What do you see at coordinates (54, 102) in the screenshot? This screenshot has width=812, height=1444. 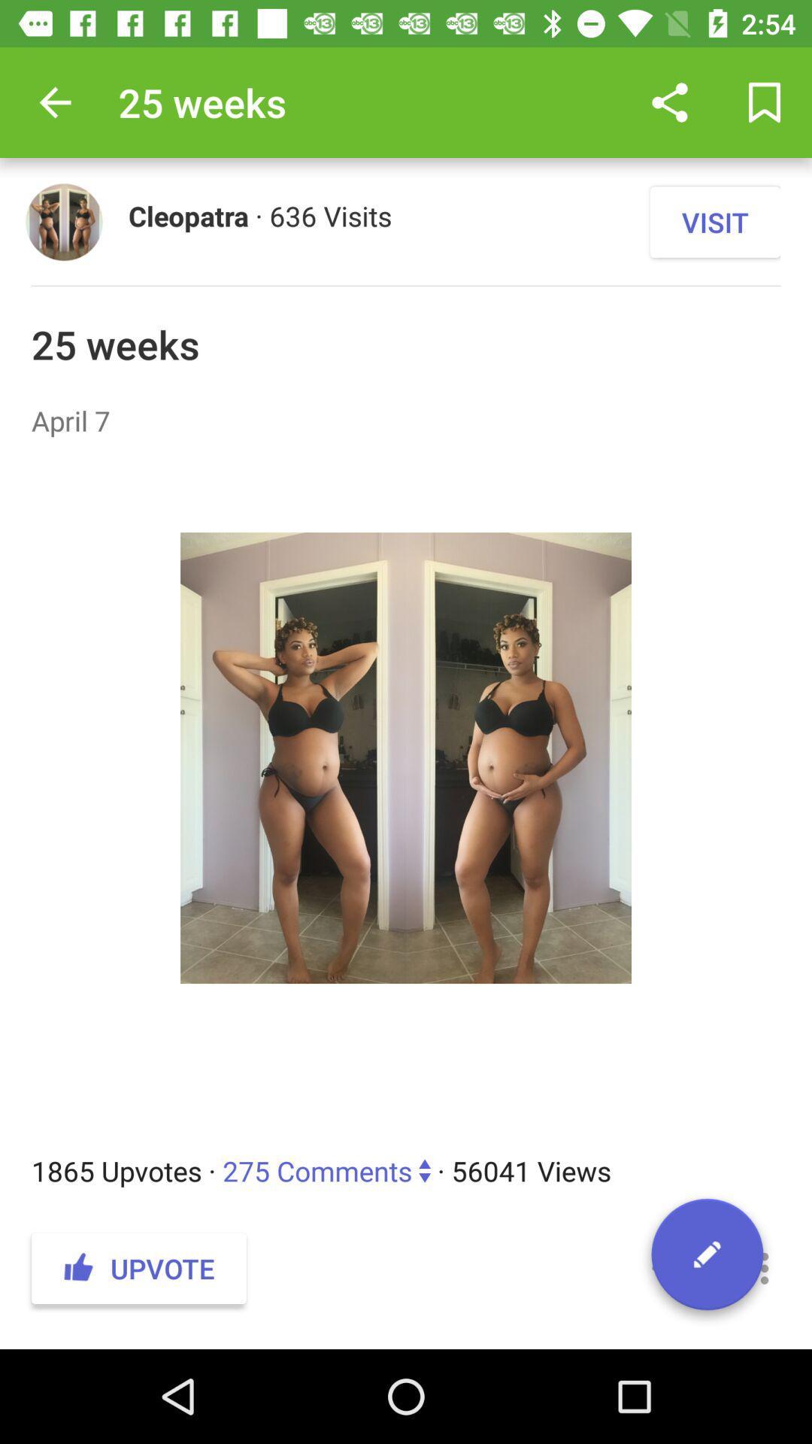 I see `the icon next to the 25 weeks item` at bounding box center [54, 102].